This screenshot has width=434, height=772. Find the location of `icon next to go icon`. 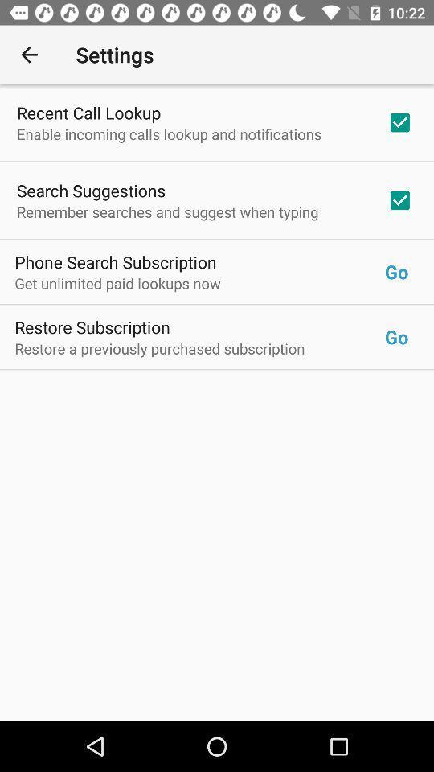

icon next to go icon is located at coordinates (115, 261).